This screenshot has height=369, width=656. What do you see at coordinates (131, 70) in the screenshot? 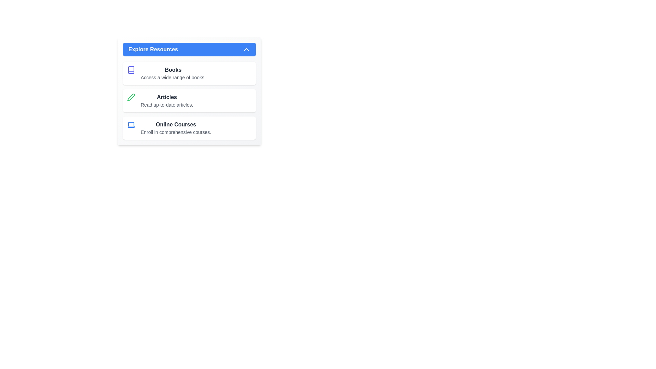
I see `the indigo book icon located to the left of the 'Books' label in the 'Explore Resources' list` at bounding box center [131, 70].